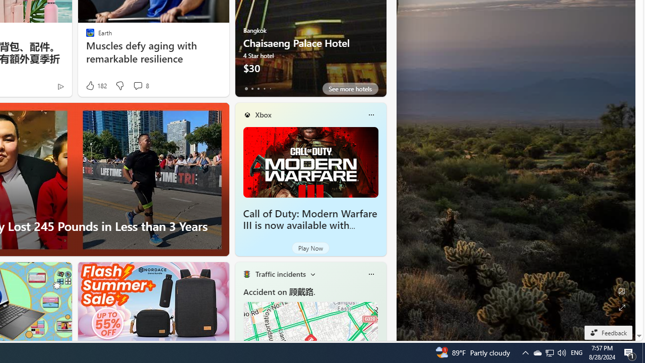 The image size is (645, 363). Describe the element at coordinates (119, 85) in the screenshot. I see `'Dislike'` at that location.